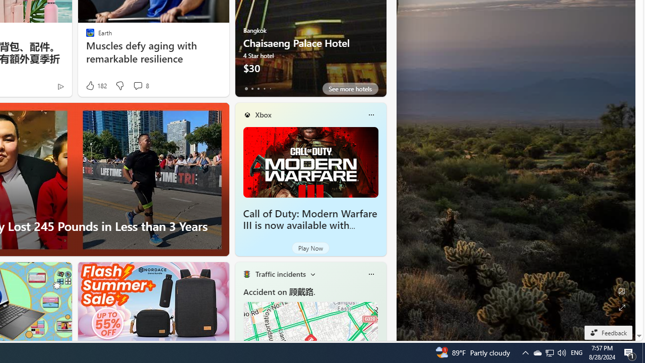 The image size is (645, 363). Describe the element at coordinates (119, 85) in the screenshot. I see `'Dislike'` at that location.